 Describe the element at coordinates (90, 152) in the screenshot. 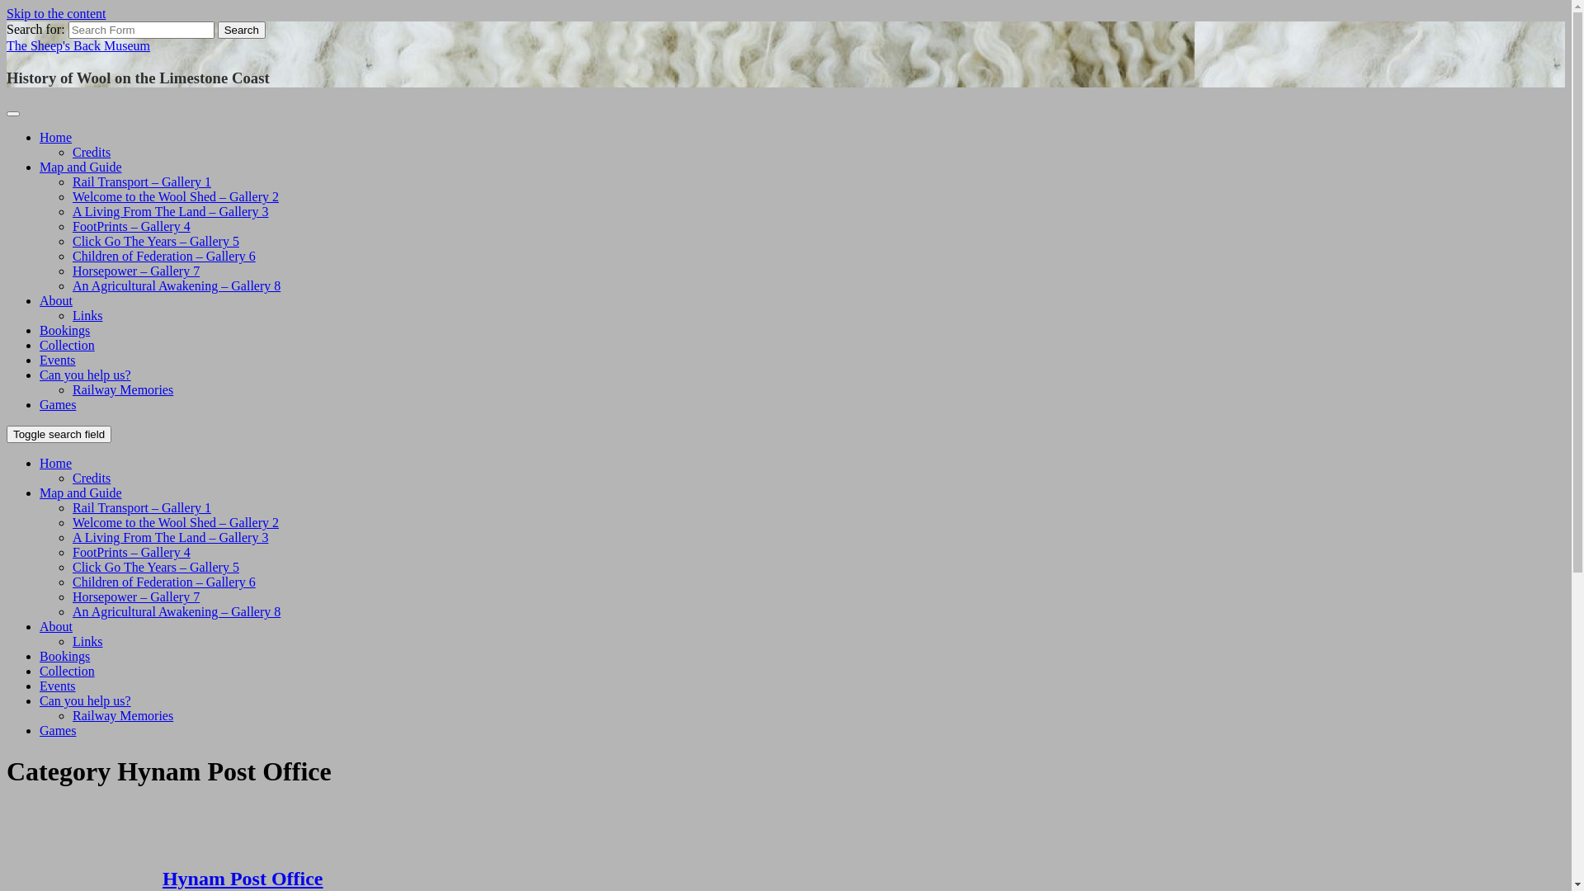

I see `'Credits'` at that location.